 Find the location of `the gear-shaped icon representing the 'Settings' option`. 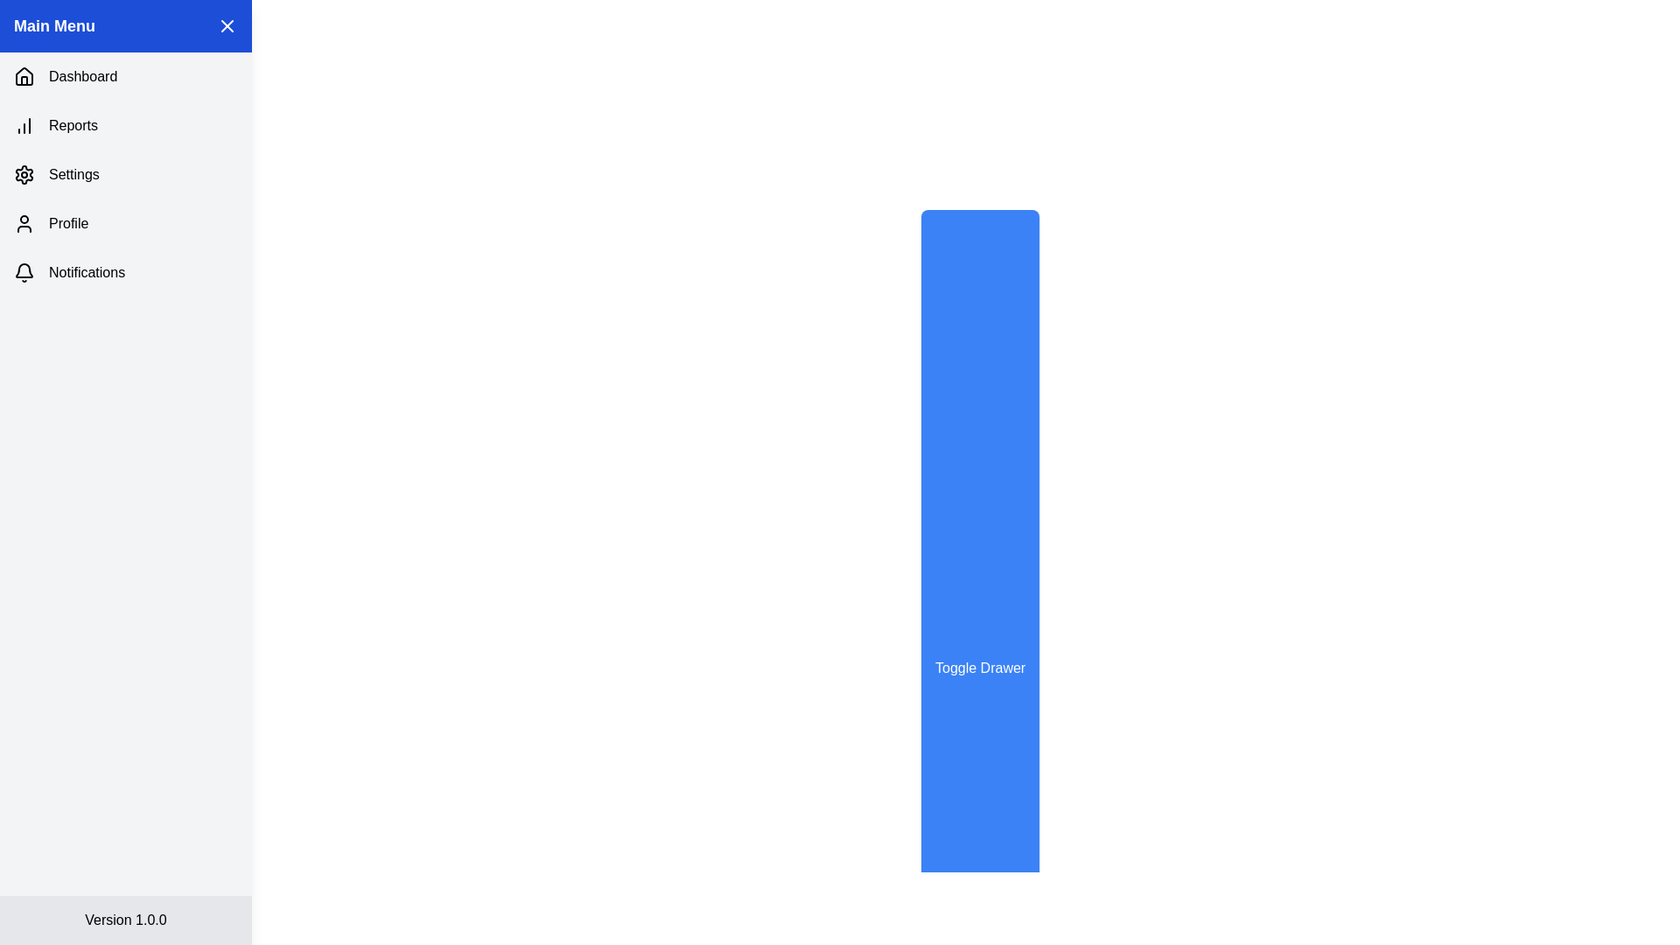

the gear-shaped icon representing the 'Settings' option is located at coordinates (24, 175).